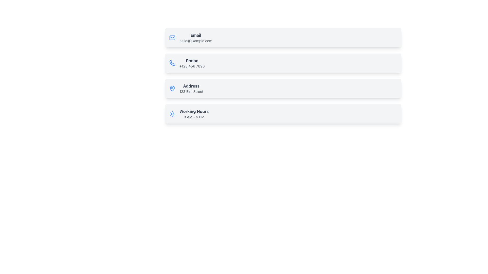 The width and height of the screenshot is (488, 274). What do you see at coordinates (283, 113) in the screenshot?
I see `the Information block displaying operational hours, located at the bottom of the vertical list of sections titled 'Email,' 'Phone,' and 'Address.'` at bounding box center [283, 113].